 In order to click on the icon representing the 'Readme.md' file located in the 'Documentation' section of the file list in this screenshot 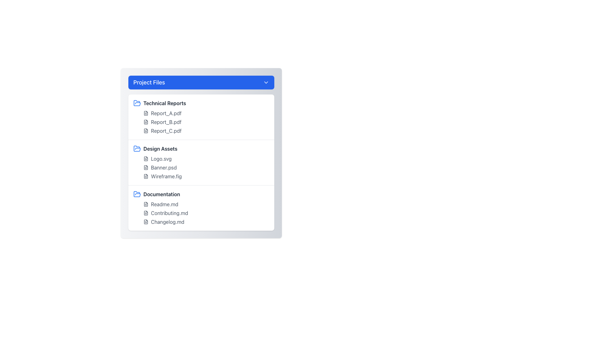, I will do `click(146, 204)`.